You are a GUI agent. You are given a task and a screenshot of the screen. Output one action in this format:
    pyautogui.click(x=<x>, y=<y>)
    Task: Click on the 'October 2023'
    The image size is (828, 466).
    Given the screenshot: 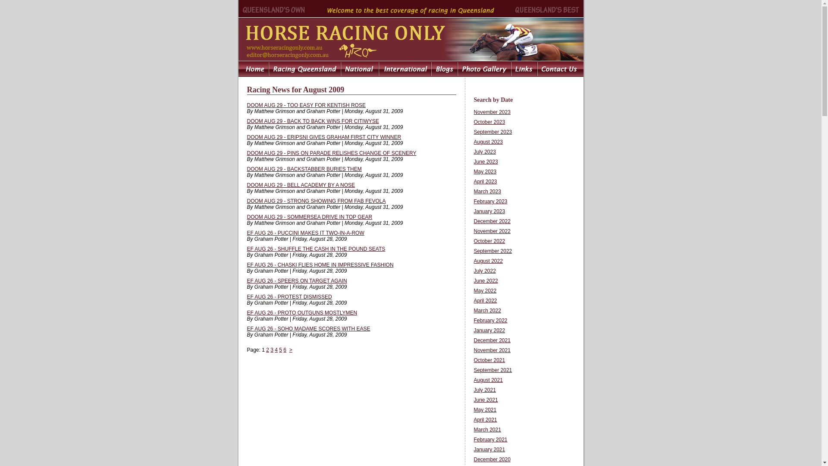 What is the action you would take?
    pyautogui.click(x=489, y=122)
    